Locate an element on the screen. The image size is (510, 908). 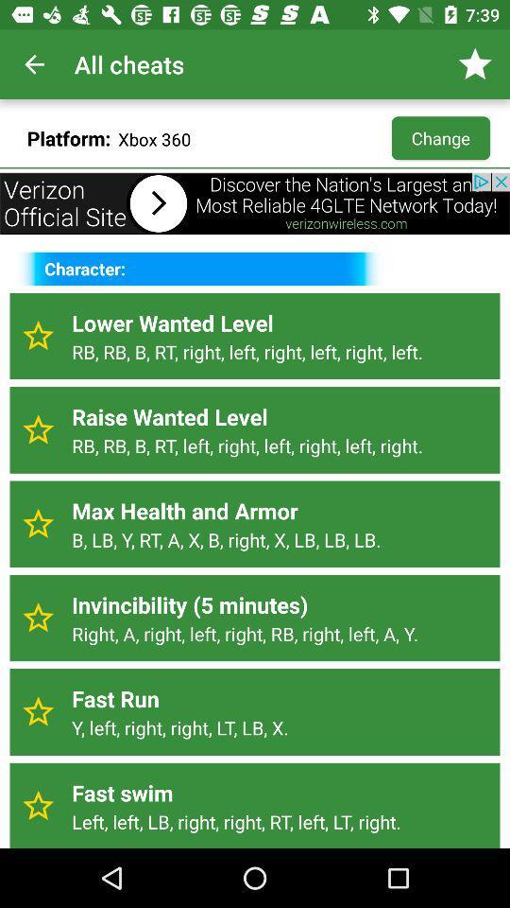
the star icon is located at coordinates (38, 805).